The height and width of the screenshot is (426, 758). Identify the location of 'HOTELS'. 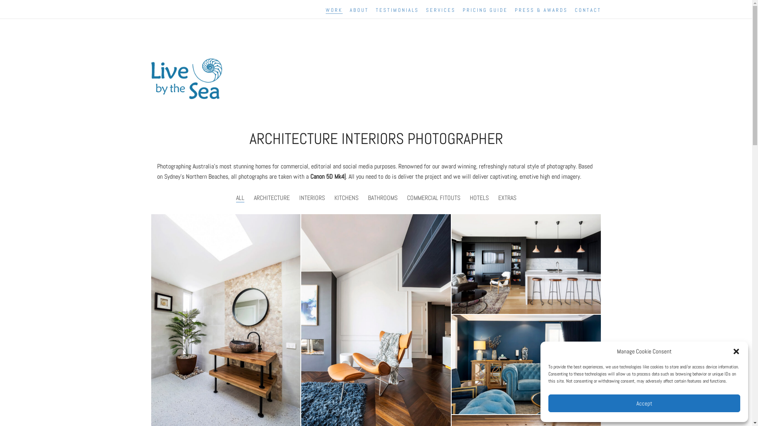
(479, 197).